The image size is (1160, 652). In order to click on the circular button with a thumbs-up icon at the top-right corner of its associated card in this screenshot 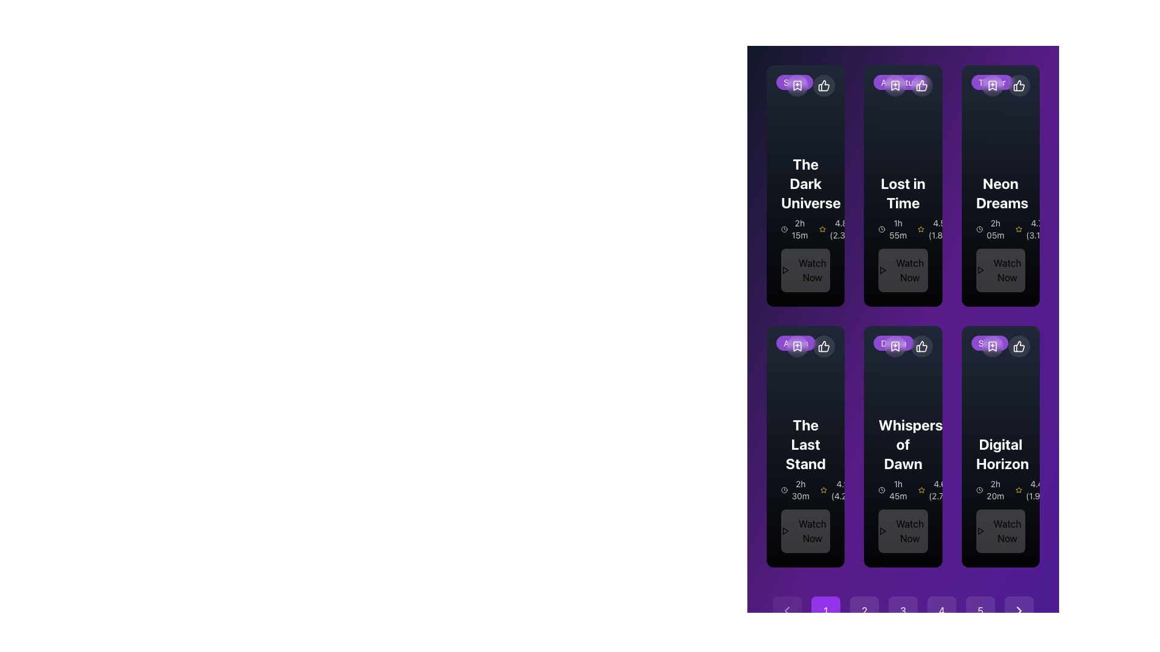, I will do `click(823, 347)`.